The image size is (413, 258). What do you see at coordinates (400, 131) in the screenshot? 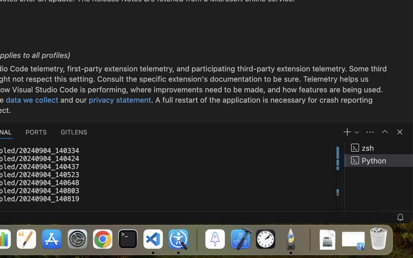
I see `''` at bounding box center [400, 131].